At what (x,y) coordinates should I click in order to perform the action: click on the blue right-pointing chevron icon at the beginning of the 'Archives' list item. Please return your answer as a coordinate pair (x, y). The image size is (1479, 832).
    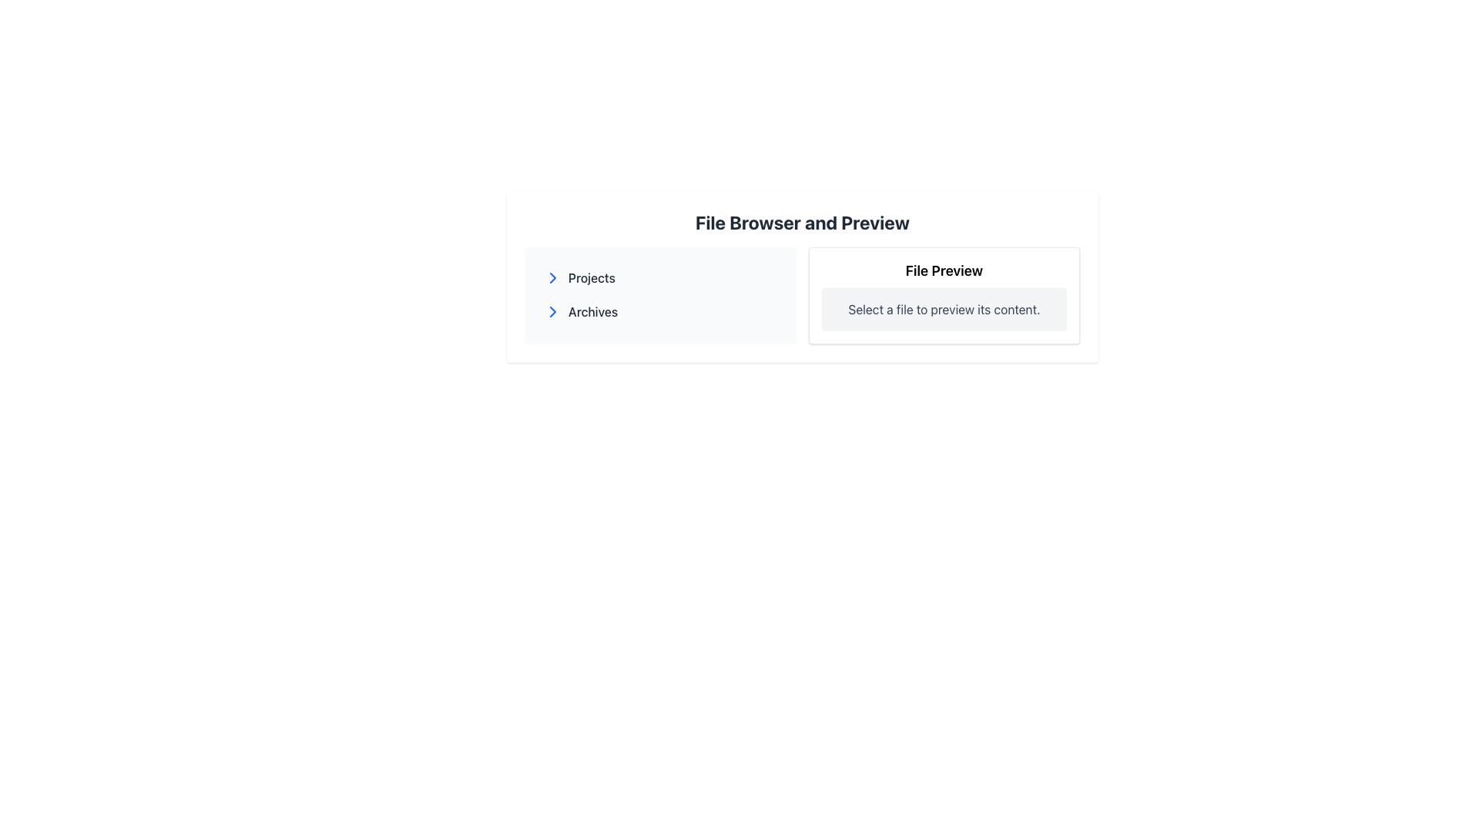
    Looking at the image, I should click on (553, 312).